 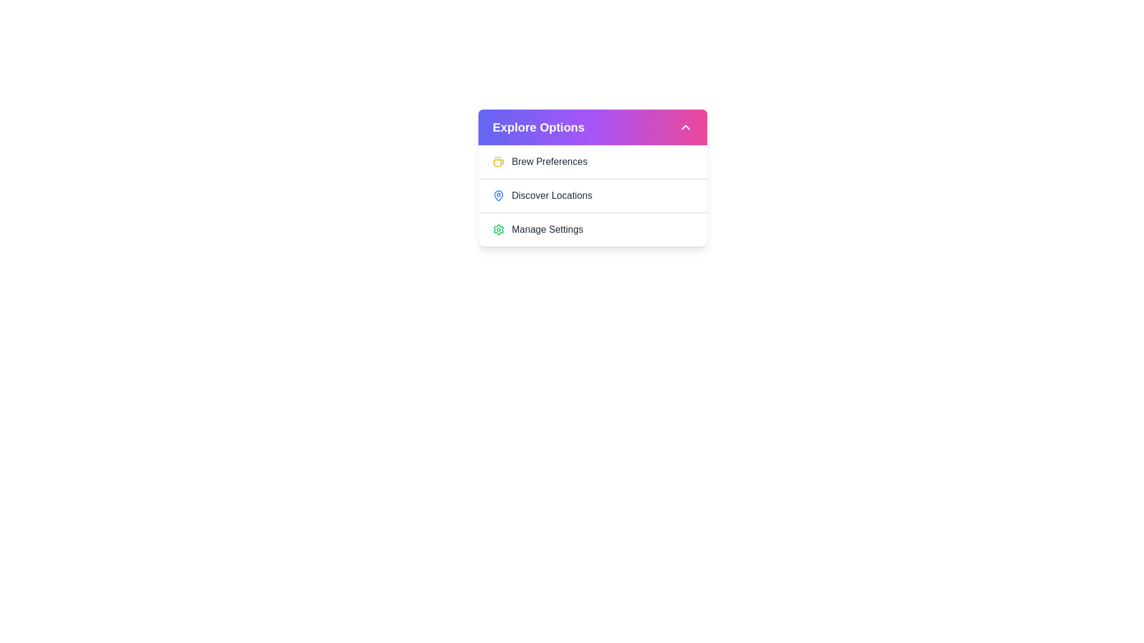 What do you see at coordinates (592, 195) in the screenshot?
I see `the 'Discover Locations' option in the dropdown menu` at bounding box center [592, 195].